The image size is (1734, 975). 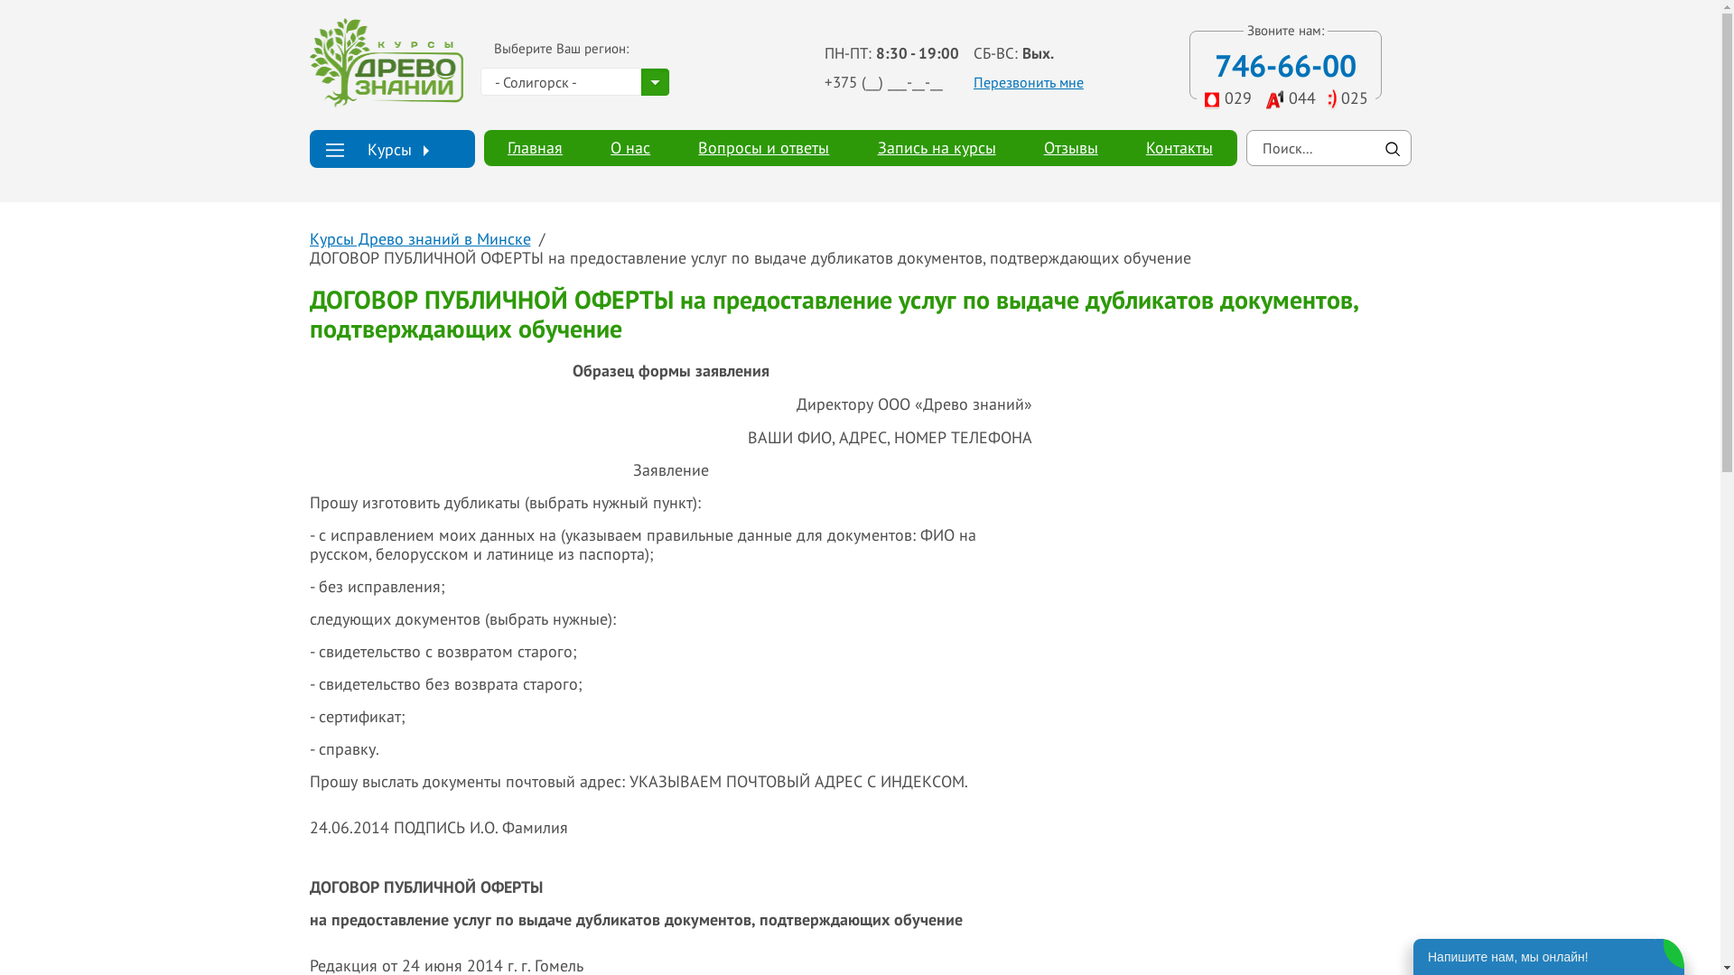 I want to click on '746-66-00', so click(x=1284, y=64).